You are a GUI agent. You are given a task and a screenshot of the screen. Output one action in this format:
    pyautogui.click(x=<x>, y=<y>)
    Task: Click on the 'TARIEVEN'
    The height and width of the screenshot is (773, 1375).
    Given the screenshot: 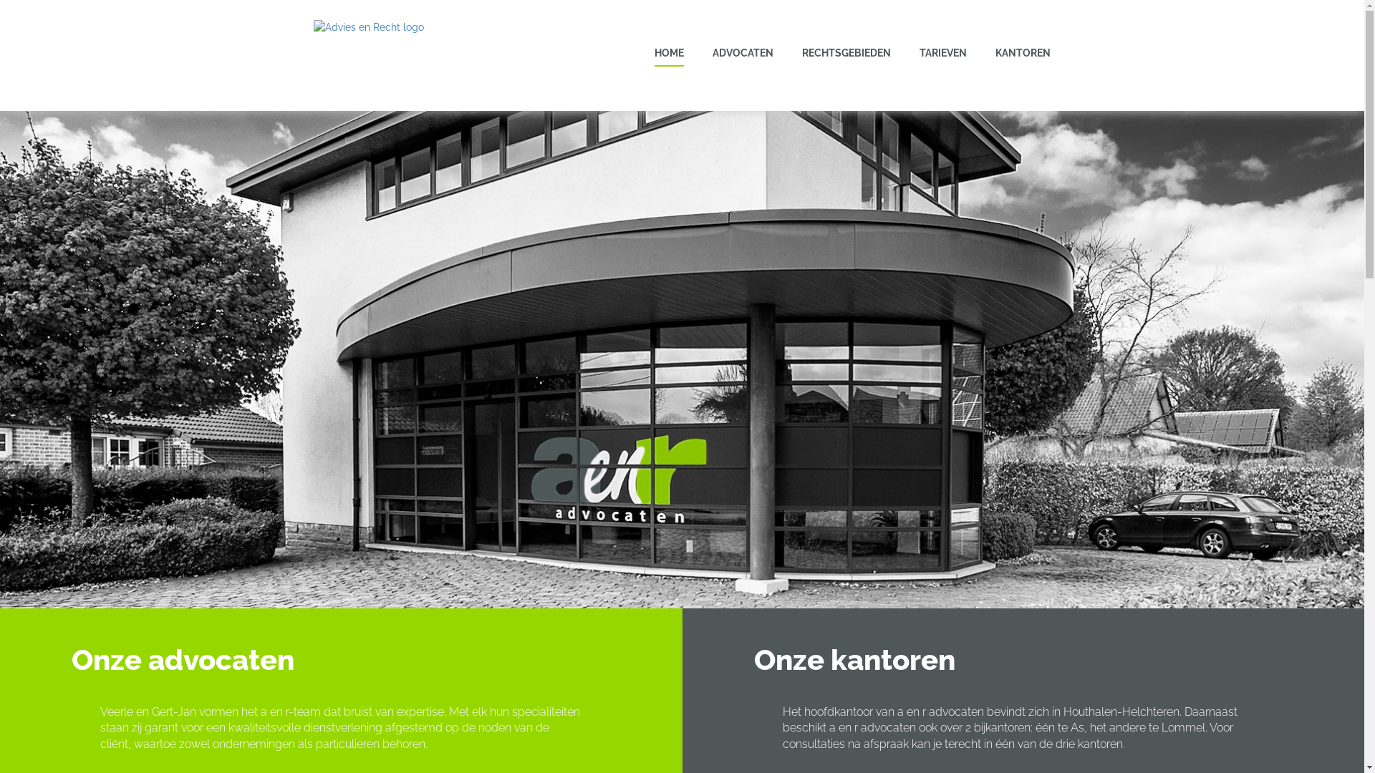 What is the action you would take?
    pyautogui.click(x=942, y=52)
    